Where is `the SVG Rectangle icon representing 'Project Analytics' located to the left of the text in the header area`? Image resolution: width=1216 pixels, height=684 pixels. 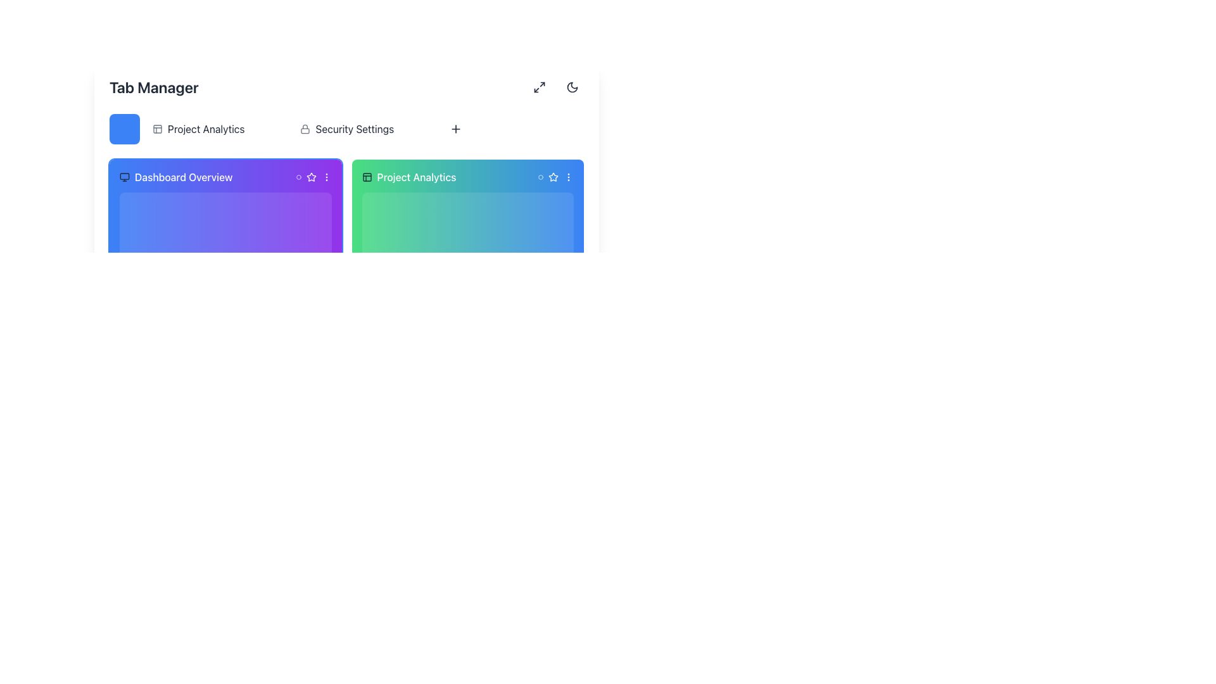 the SVG Rectangle icon representing 'Project Analytics' located to the left of the text in the header area is located at coordinates (157, 129).